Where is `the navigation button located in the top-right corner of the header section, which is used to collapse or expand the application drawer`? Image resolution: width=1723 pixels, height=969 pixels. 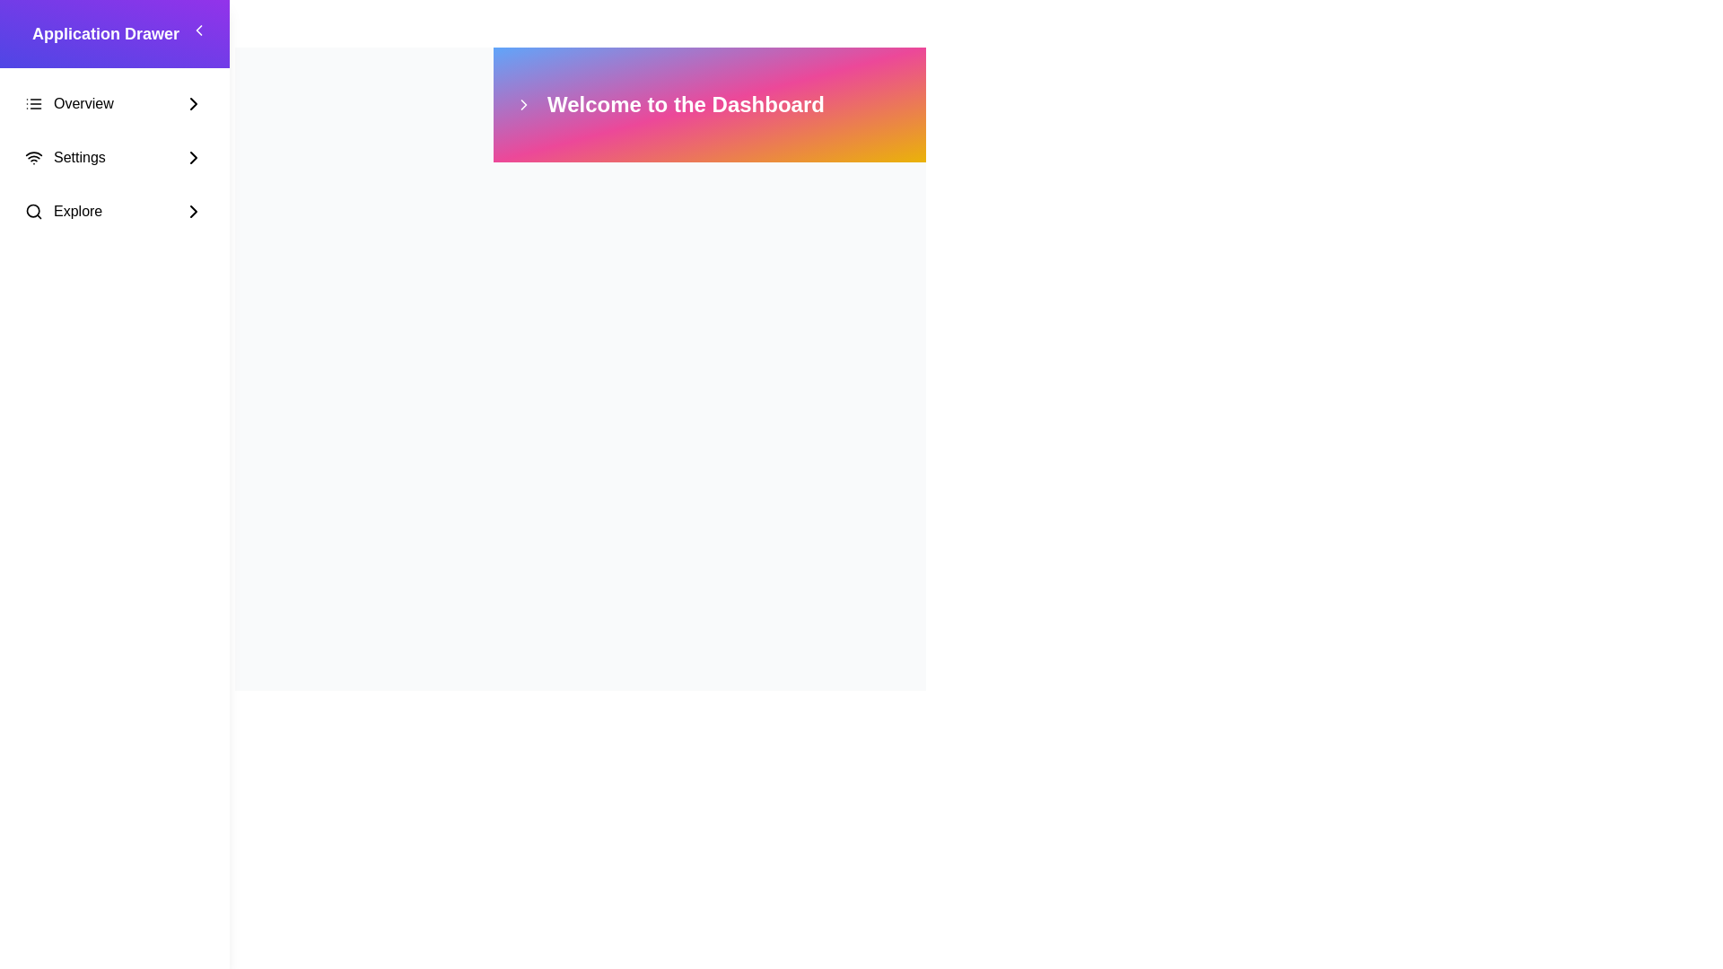 the navigation button located in the top-right corner of the header section, which is used to collapse or expand the application drawer is located at coordinates (198, 31).